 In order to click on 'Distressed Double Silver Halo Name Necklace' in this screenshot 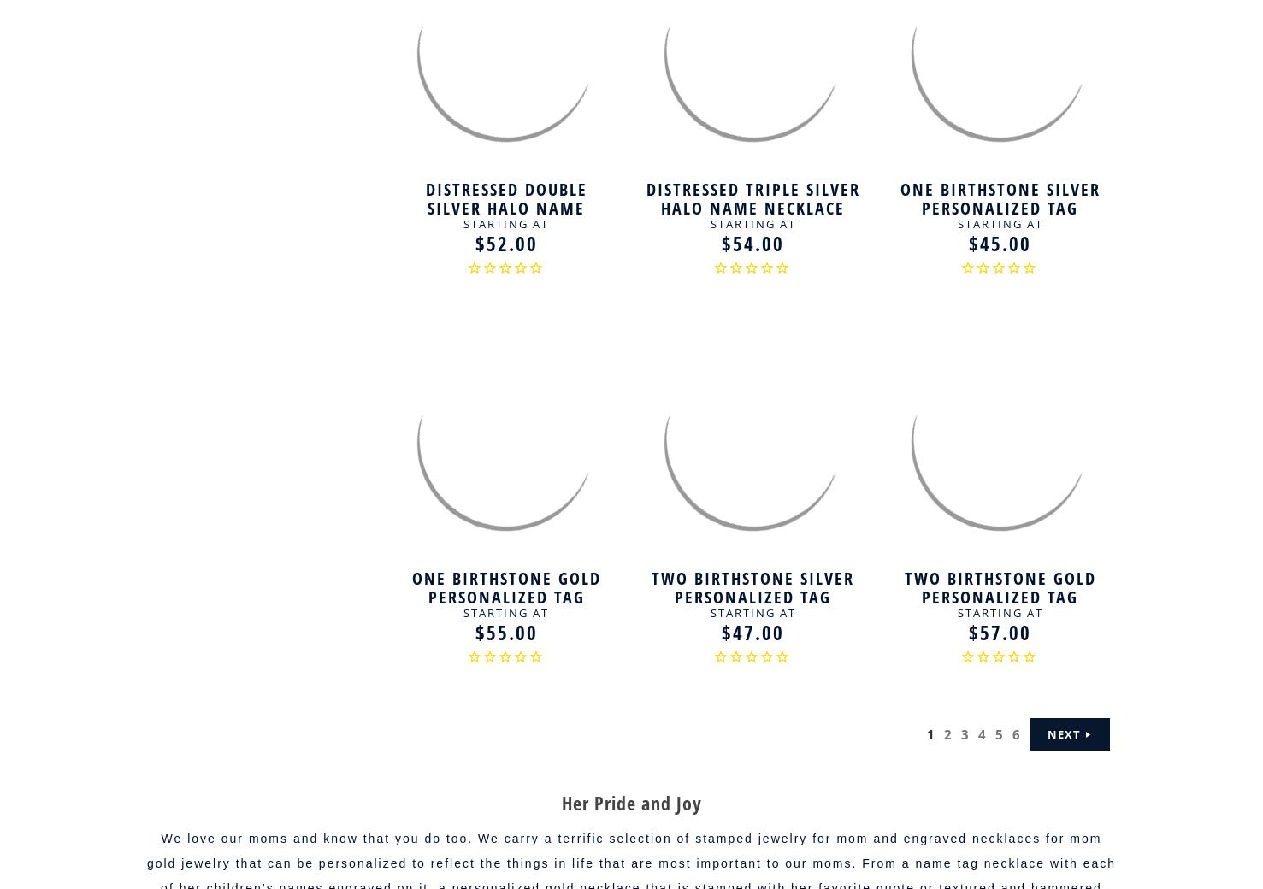, I will do `click(425, 207)`.